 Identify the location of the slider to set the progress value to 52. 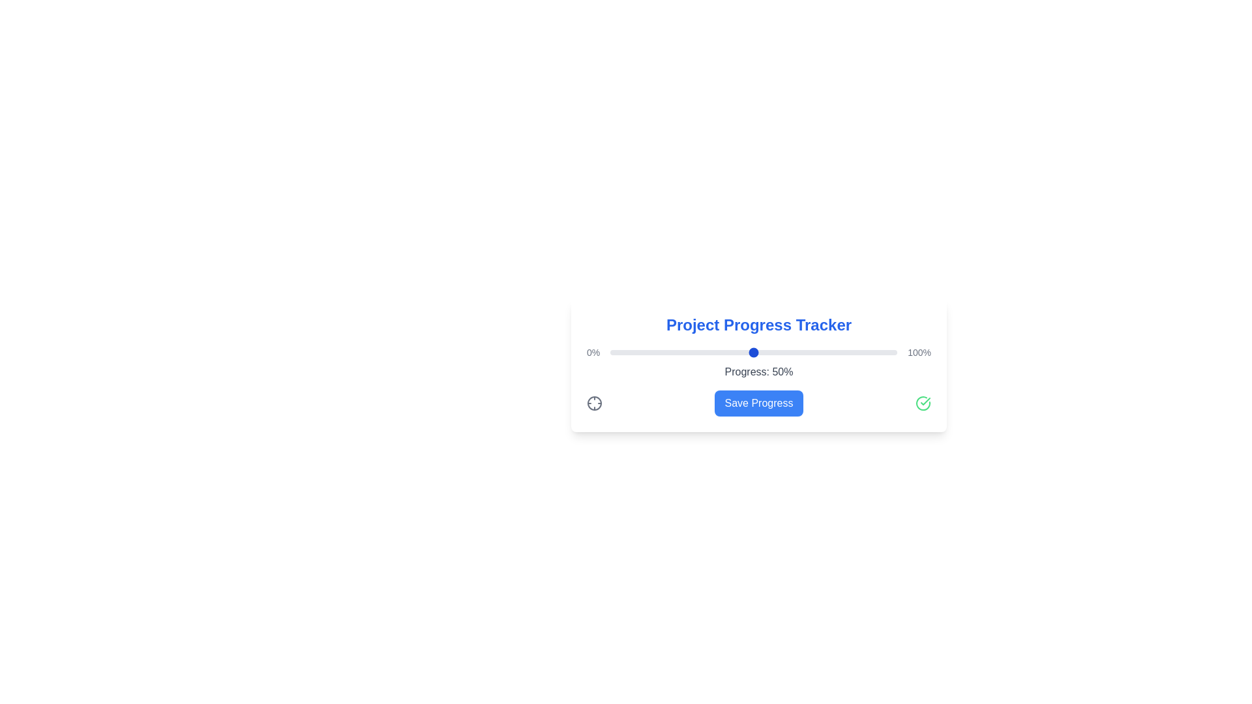
(760, 352).